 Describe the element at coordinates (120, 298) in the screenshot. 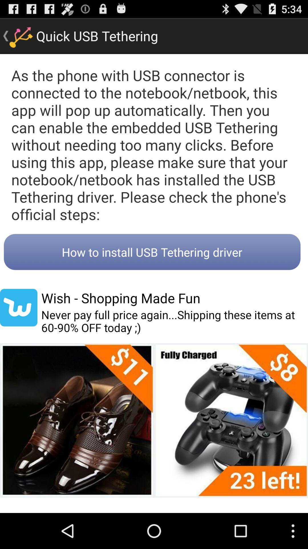

I see `item above never pay full icon` at that location.